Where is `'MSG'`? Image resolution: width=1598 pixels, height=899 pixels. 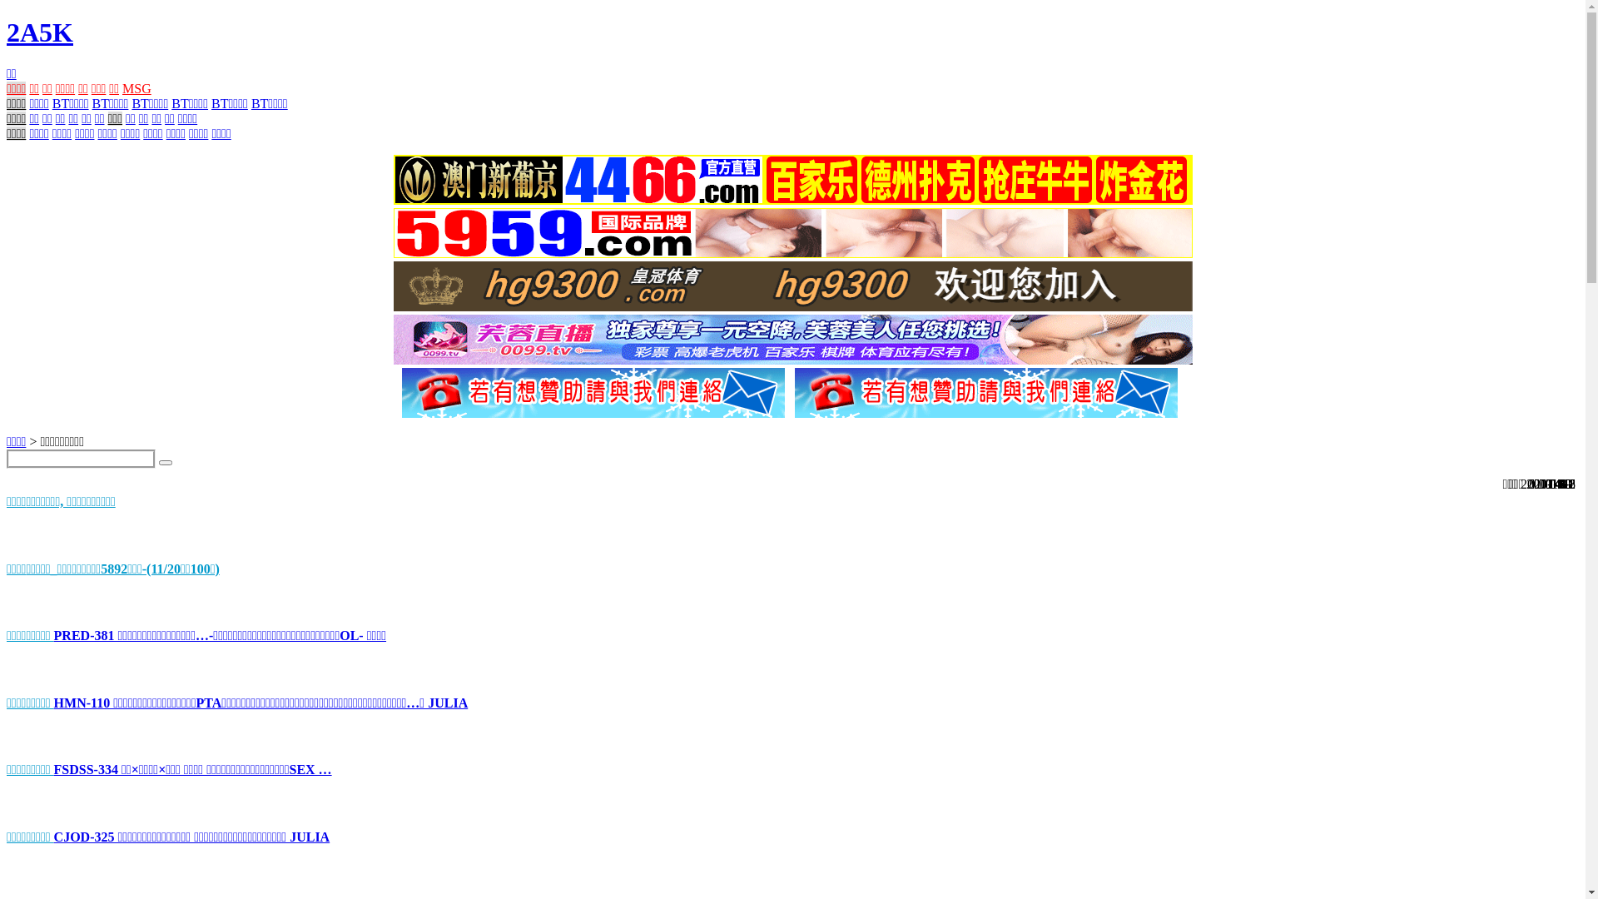 'MSG' is located at coordinates (136, 88).